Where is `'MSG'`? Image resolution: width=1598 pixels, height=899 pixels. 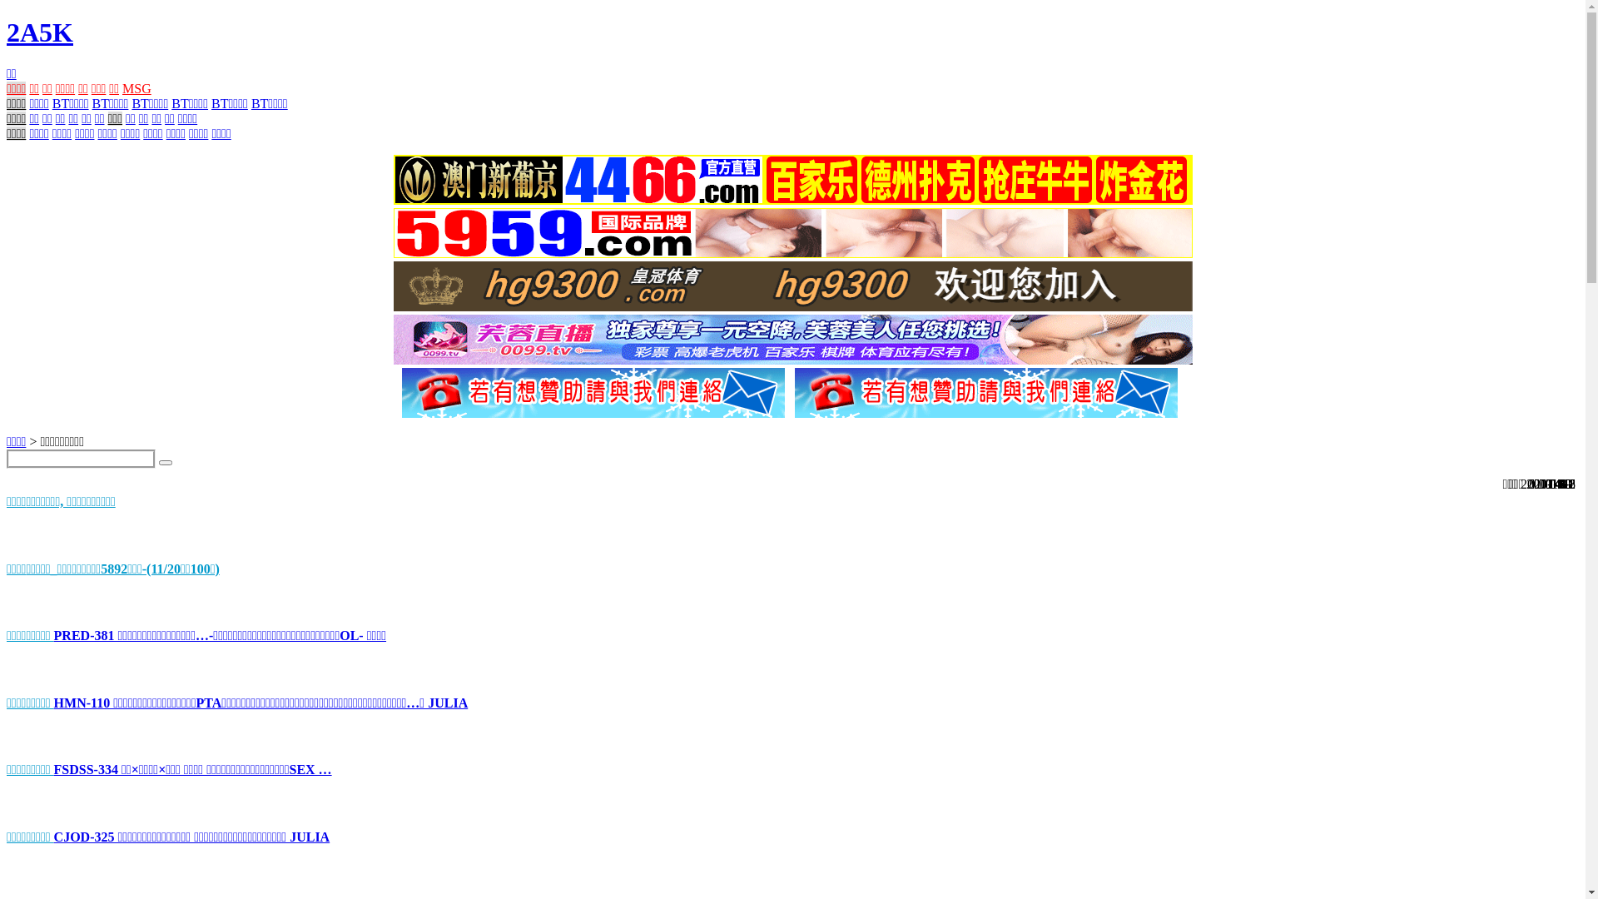 'MSG' is located at coordinates (136, 88).